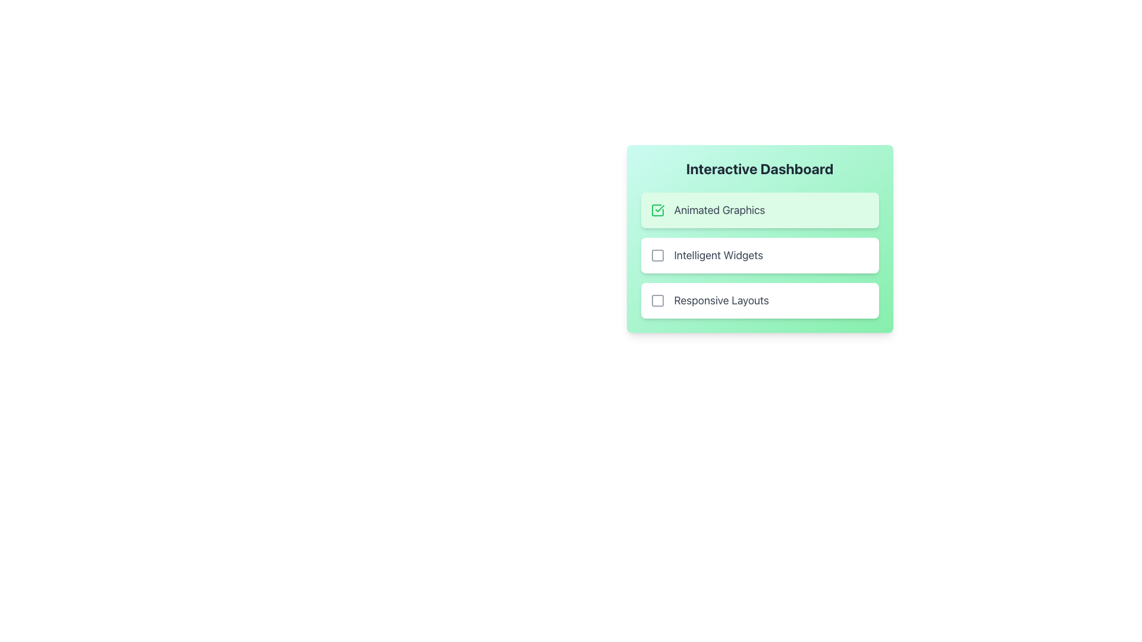  What do you see at coordinates (658, 208) in the screenshot?
I see `green checkmark icon located in the top card under the 'Interactive Dashboard' heading, positioned to the left of the 'Animated Graphics' text` at bounding box center [658, 208].